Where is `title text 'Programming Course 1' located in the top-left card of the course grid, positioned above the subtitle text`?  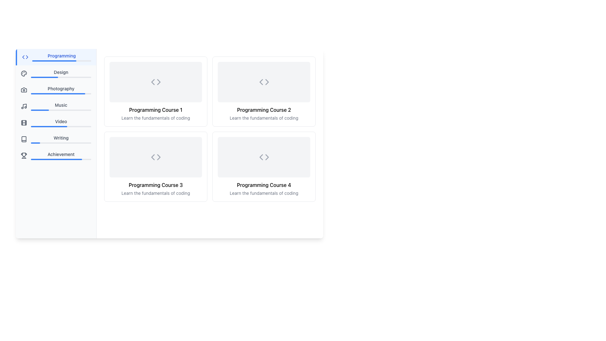
title text 'Programming Course 1' located in the top-left card of the course grid, positioned above the subtitle text is located at coordinates (156, 109).